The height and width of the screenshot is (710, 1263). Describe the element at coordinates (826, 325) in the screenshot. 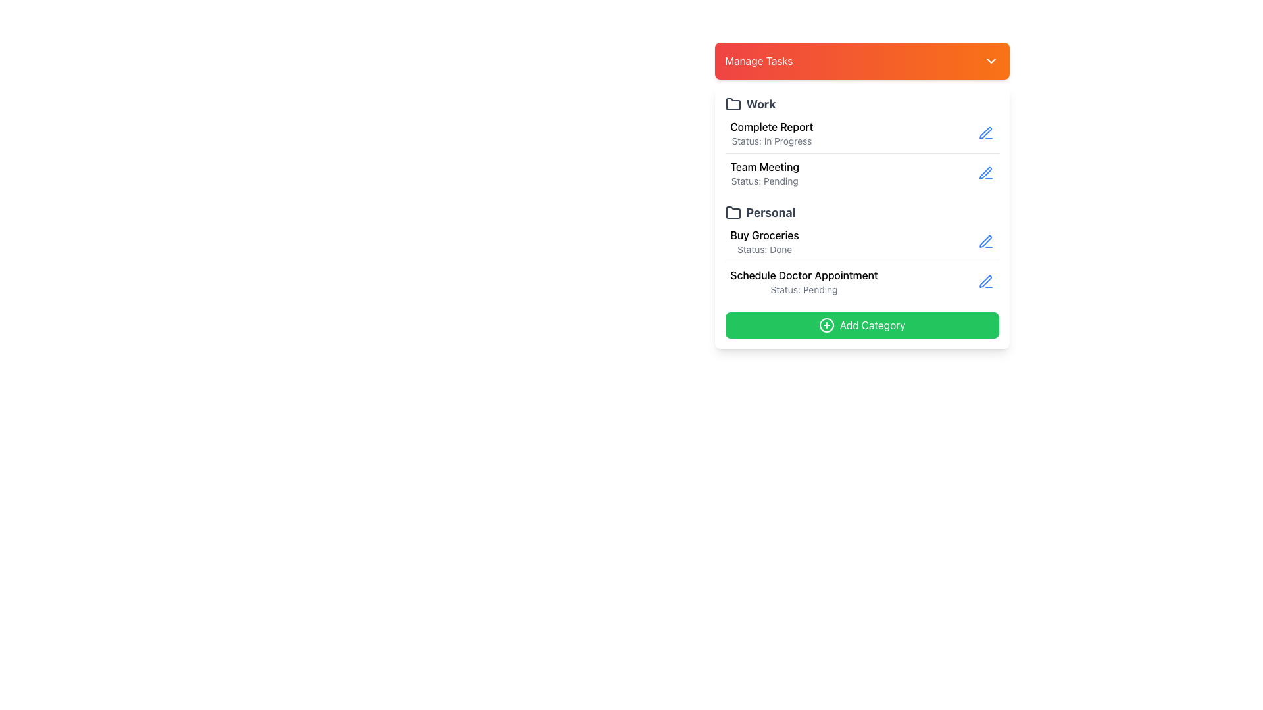

I see `the circular icon with a plus sign in the center, which has a green background and is positioned to the left of the 'Add Category' button` at that location.